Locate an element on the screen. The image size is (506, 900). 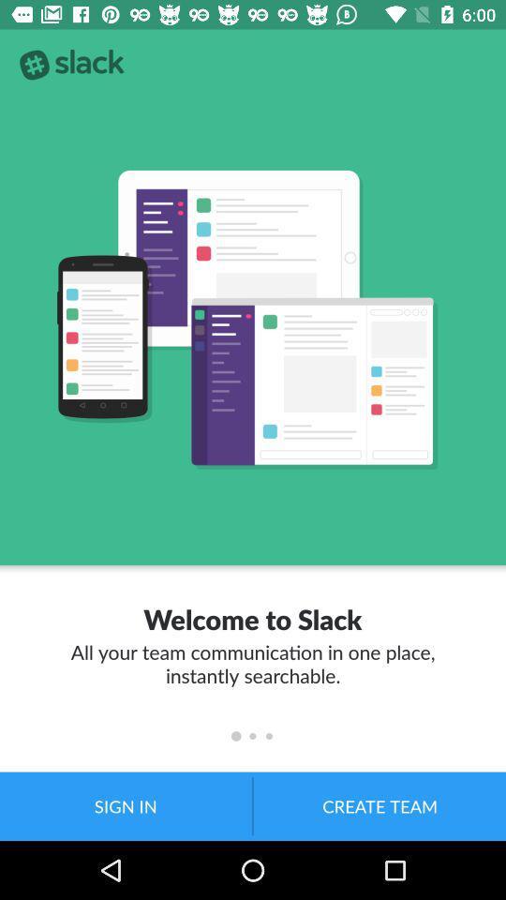
the sign in icon is located at coordinates (126, 805).